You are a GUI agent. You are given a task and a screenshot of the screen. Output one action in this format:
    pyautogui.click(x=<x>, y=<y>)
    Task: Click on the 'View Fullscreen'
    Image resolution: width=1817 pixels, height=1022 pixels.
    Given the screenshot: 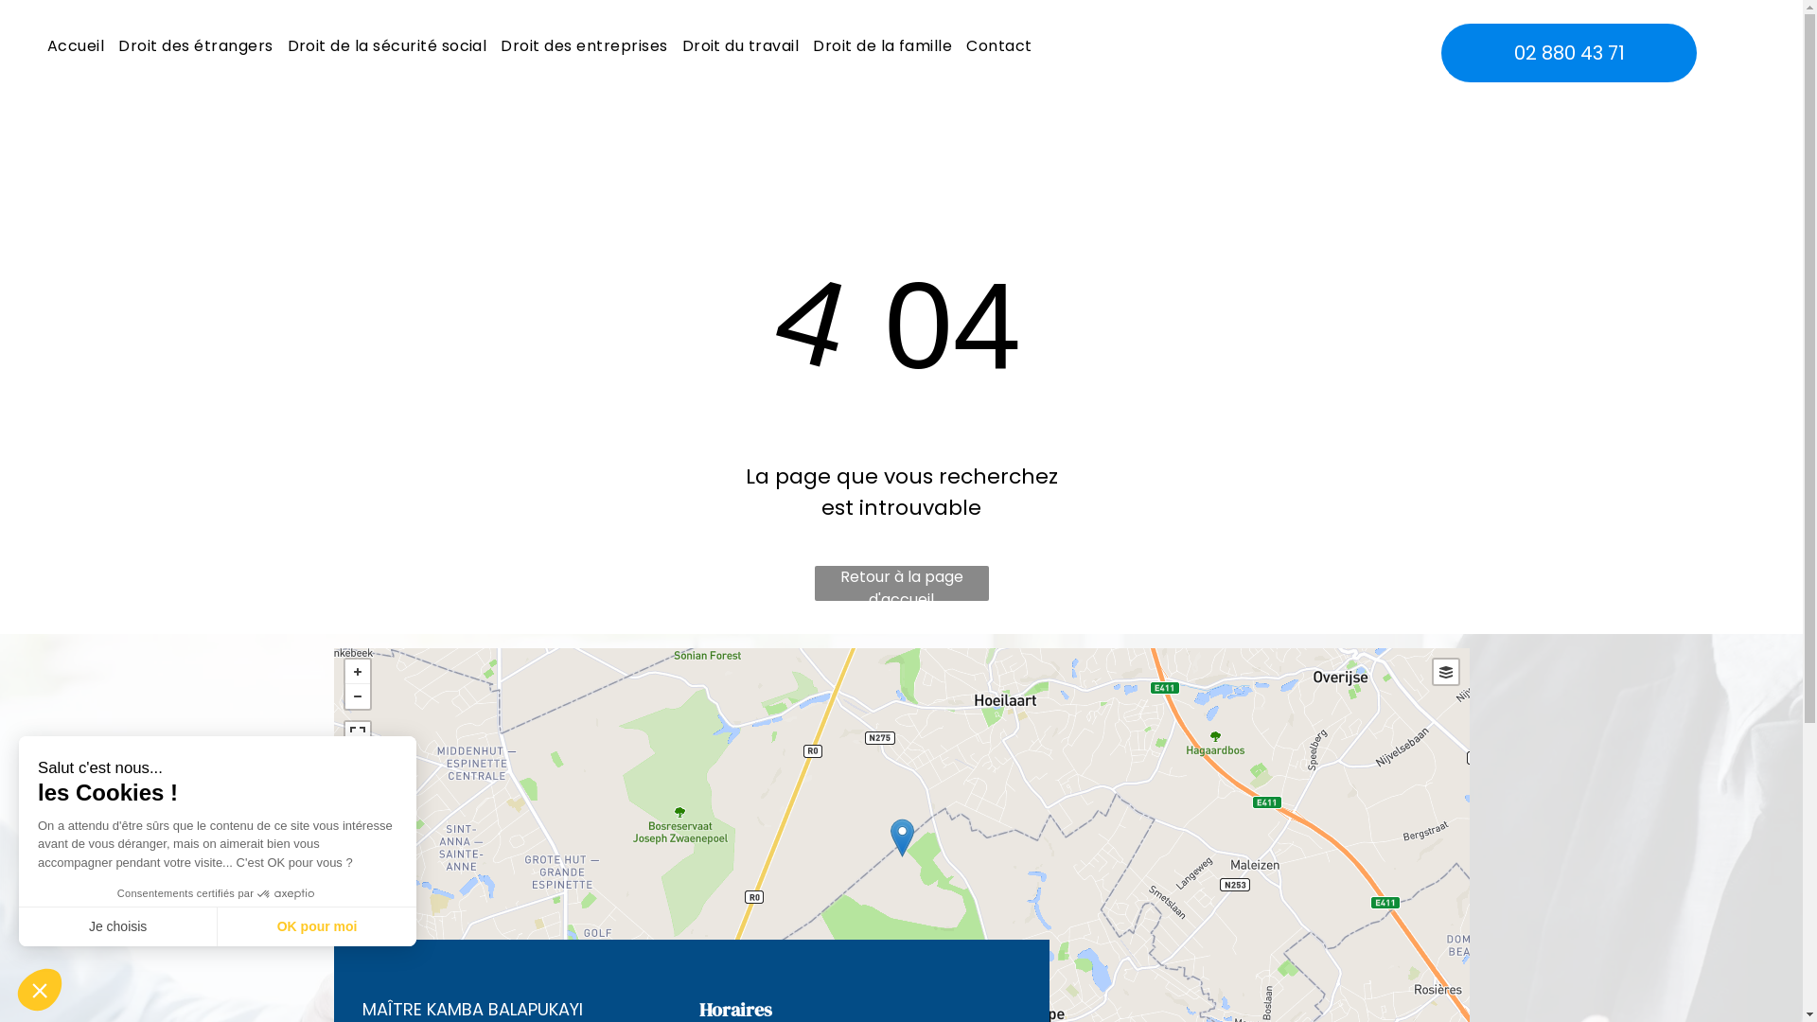 What is the action you would take?
    pyautogui.click(x=357, y=732)
    